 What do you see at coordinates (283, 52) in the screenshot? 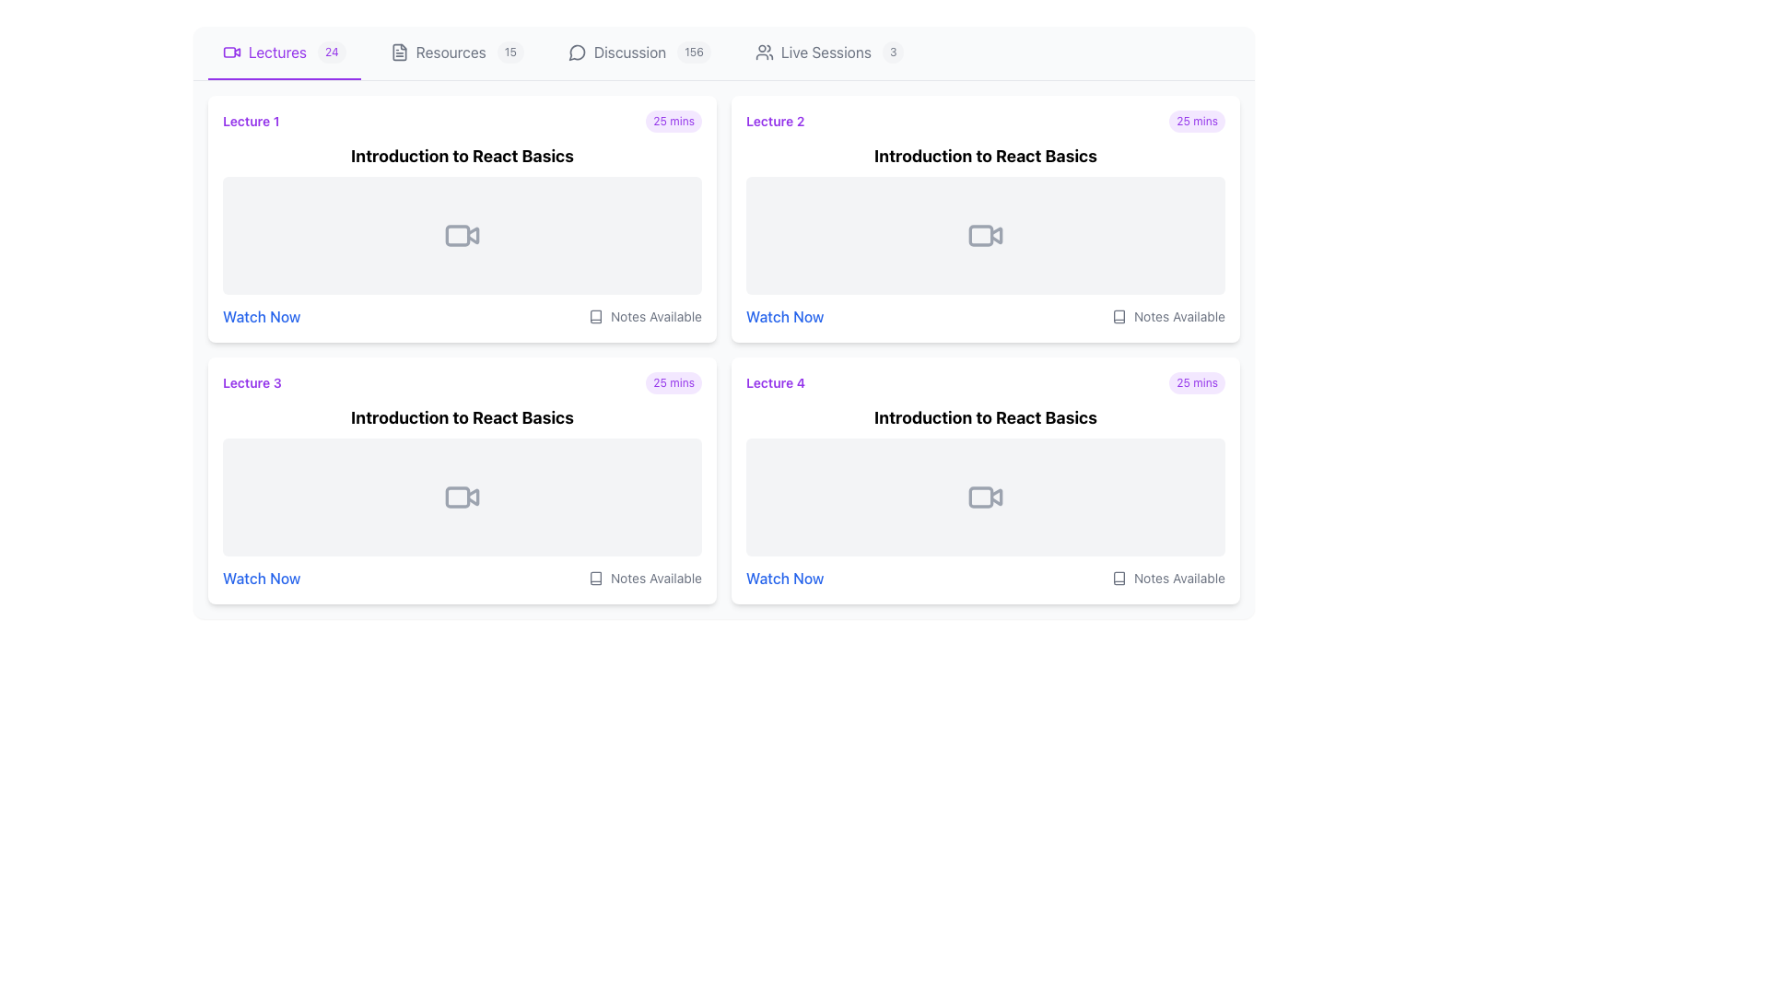
I see `the first menu button in the horizontal navigation bar` at bounding box center [283, 52].